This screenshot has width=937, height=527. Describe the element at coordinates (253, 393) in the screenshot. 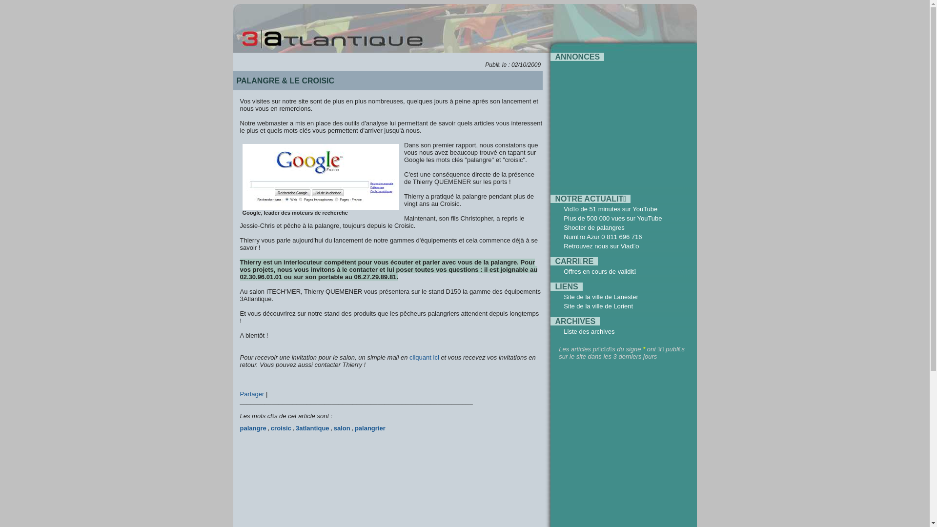

I see `'Partager'` at that location.